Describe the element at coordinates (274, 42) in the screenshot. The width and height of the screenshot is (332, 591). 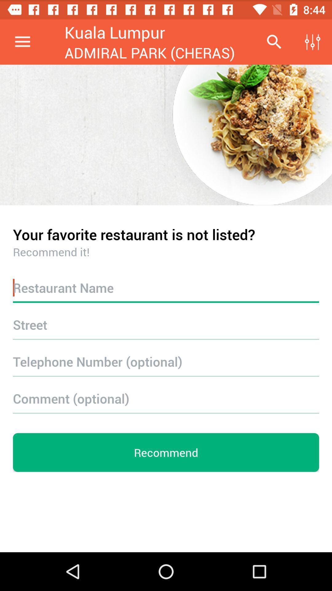
I see `icon next to kuala lumpur icon` at that location.